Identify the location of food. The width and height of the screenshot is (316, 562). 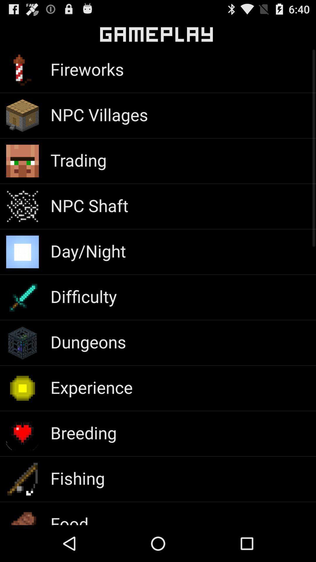
(69, 518).